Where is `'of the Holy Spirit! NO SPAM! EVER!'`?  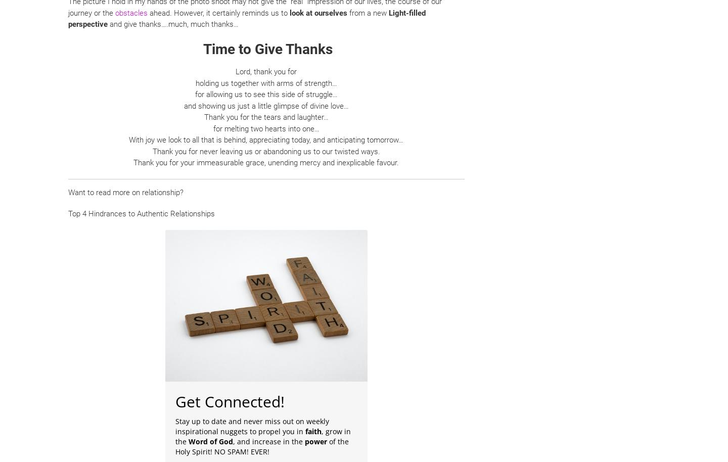
'of the Holy Spirit! NO SPAM! EVER!' is located at coordinates (261, 445).